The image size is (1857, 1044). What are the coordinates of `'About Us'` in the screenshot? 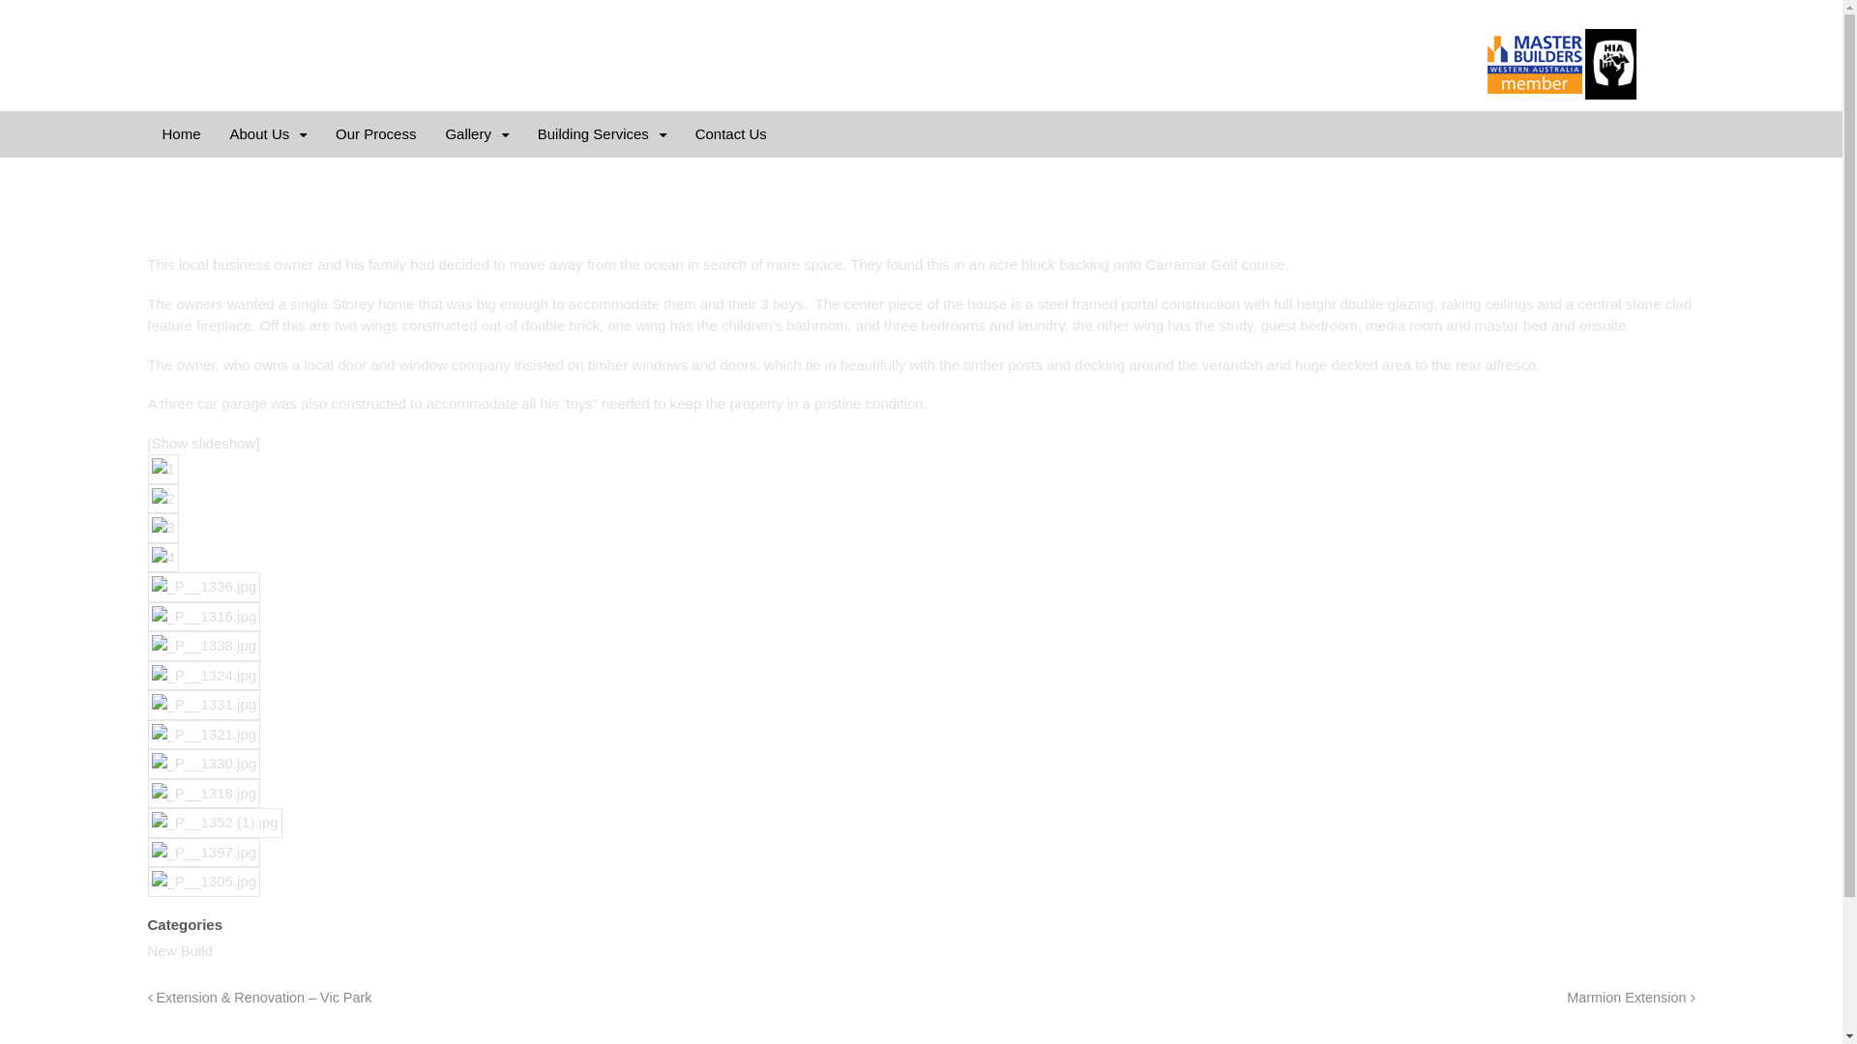 It's located at (268, 132).